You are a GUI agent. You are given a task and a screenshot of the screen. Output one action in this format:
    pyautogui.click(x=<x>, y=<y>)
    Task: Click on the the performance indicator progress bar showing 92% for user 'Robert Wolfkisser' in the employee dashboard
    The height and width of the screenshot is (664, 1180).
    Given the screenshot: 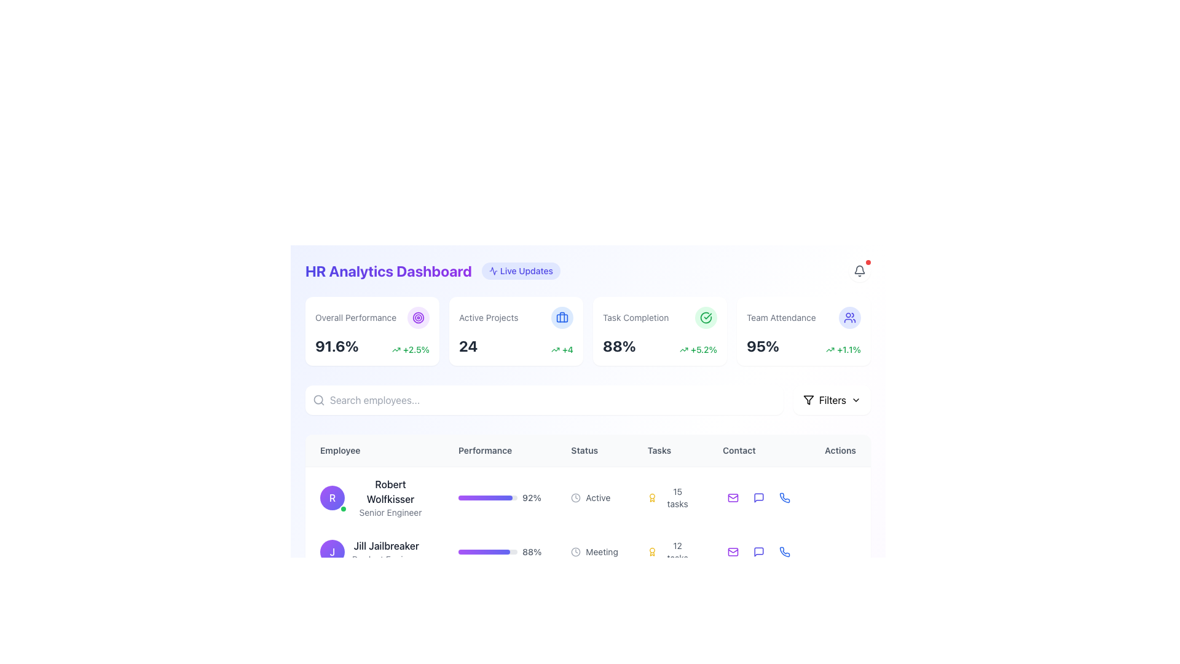 What is the action you would take?
    pyautogui.click(x=500, y=497)
    